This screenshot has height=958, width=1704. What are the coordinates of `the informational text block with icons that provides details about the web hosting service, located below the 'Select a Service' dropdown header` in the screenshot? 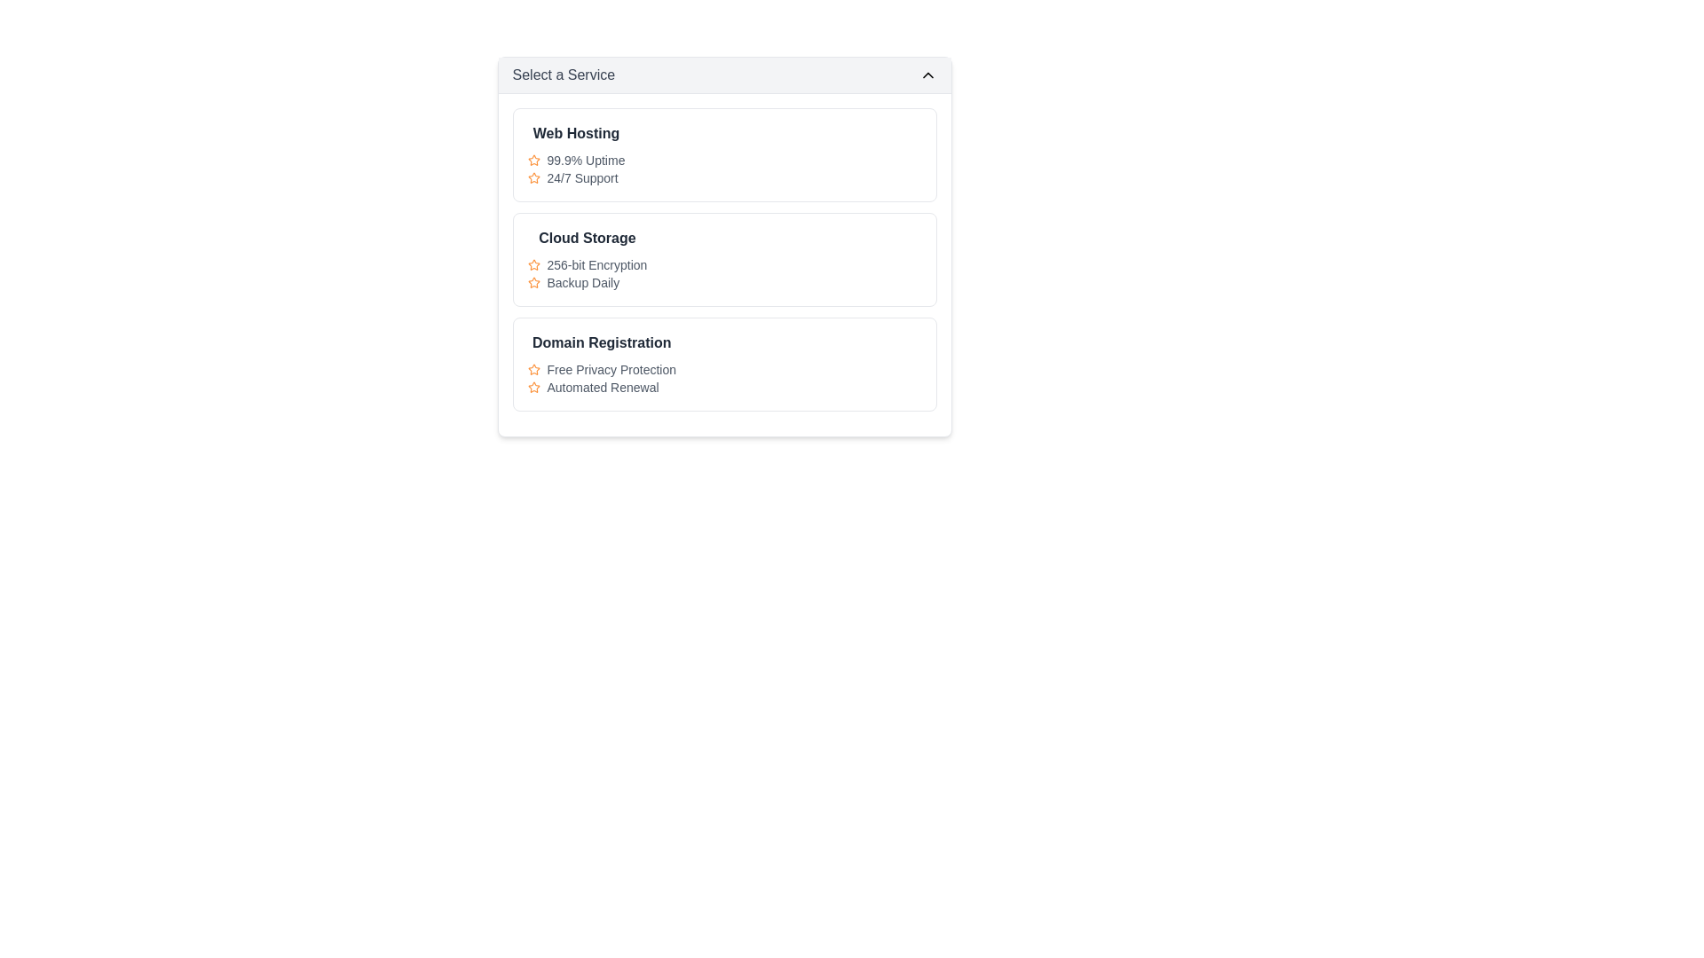 It's located at (724, 153).